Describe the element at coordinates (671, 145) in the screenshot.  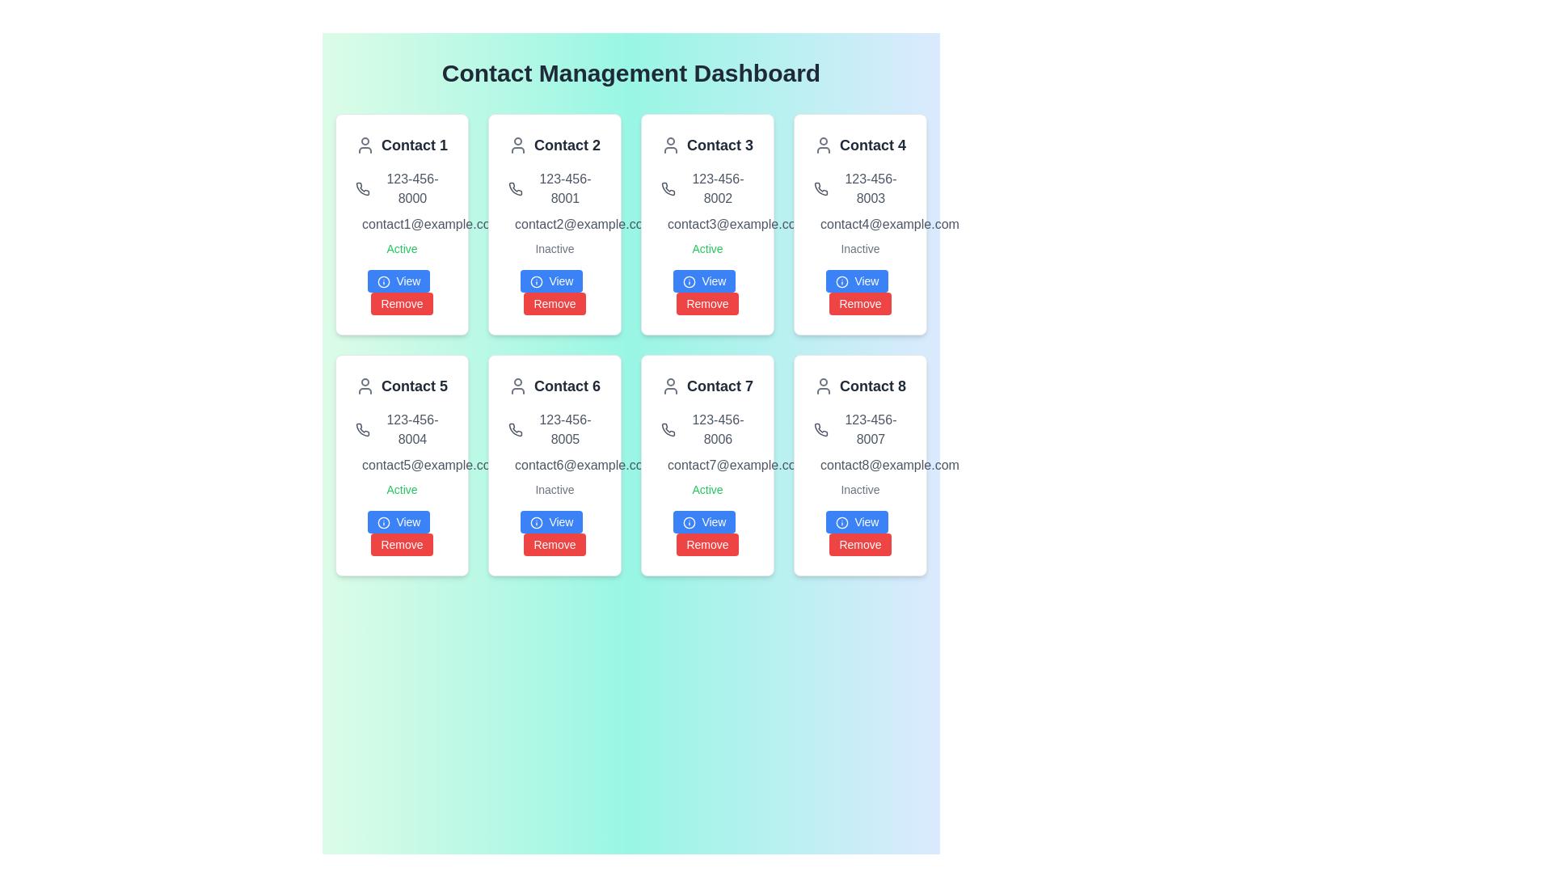
I see `the user profile icon, which is a circular head with a smaller body beneath it, located in the third card from the left in the upper row of the interface, next to the 'Contact 3' text` at that location.